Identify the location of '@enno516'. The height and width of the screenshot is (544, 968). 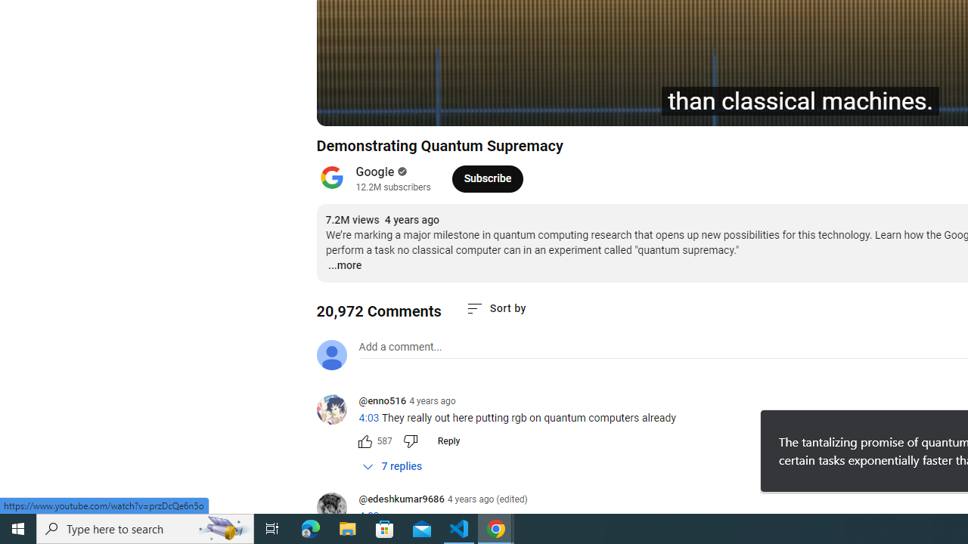
(382, 401).